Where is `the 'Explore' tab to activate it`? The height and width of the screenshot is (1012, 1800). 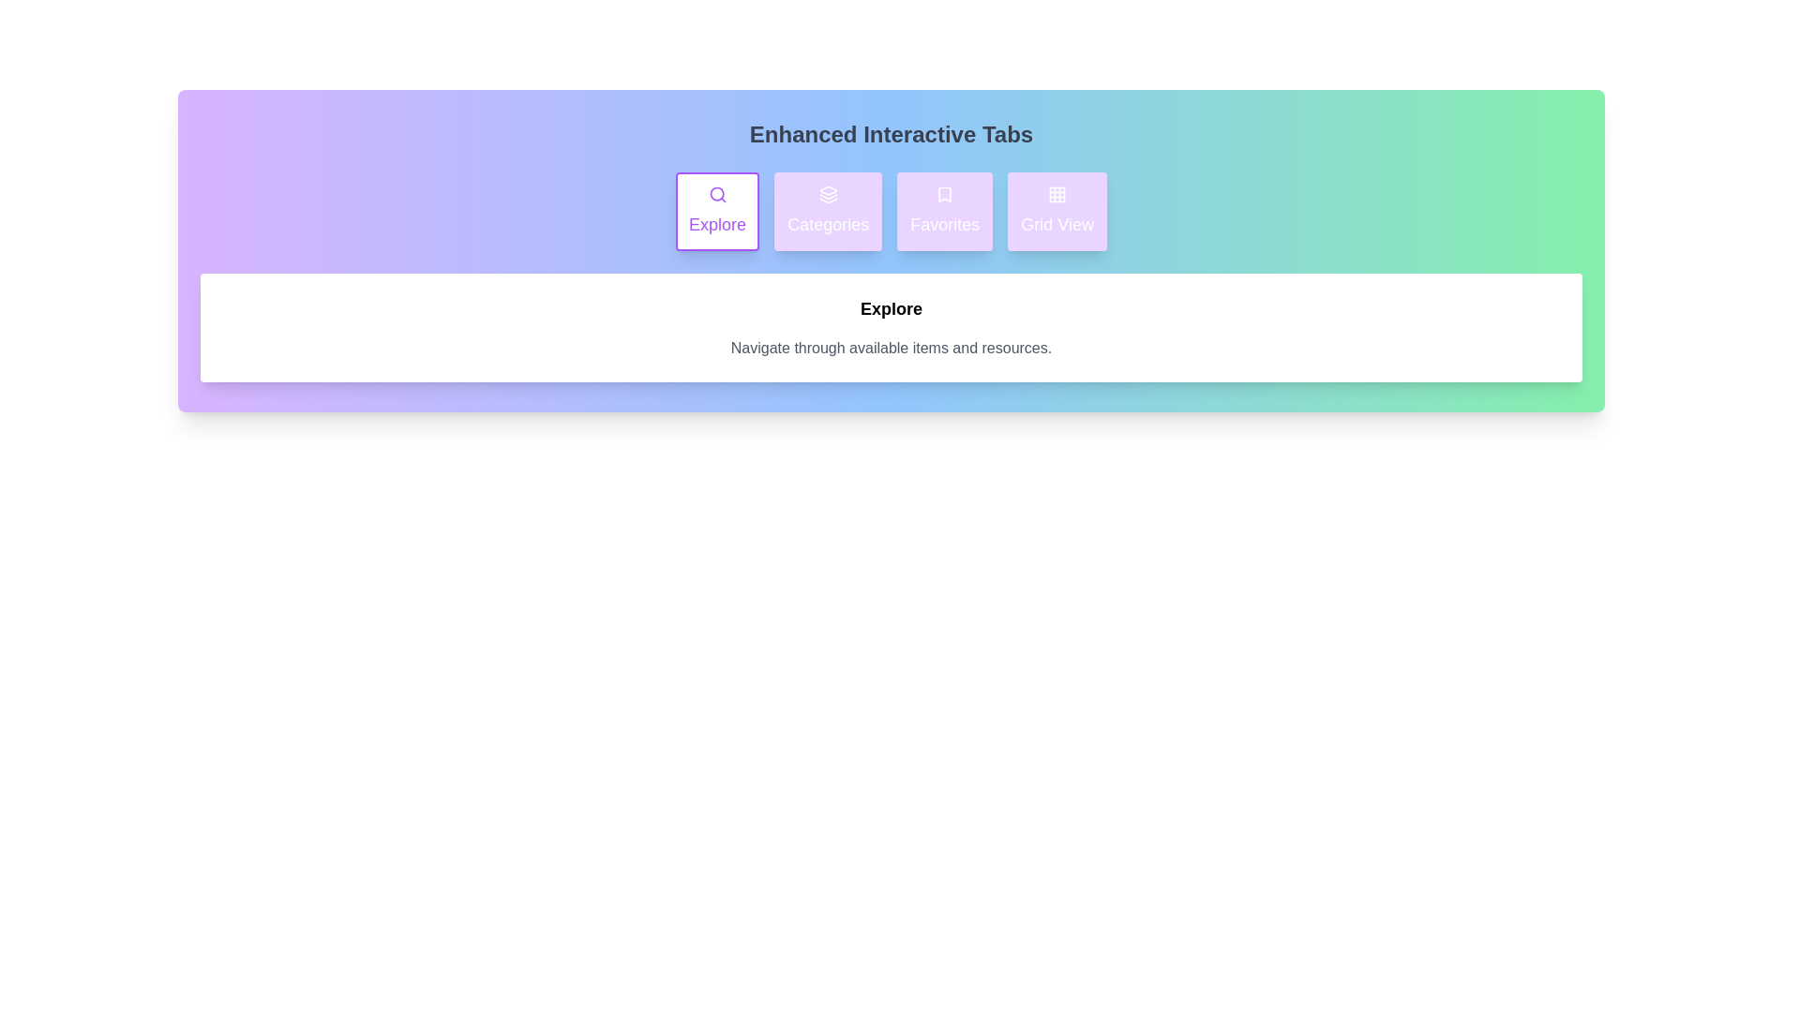
the 'Explore' tab to activate it is located at coordinates (715, 211).